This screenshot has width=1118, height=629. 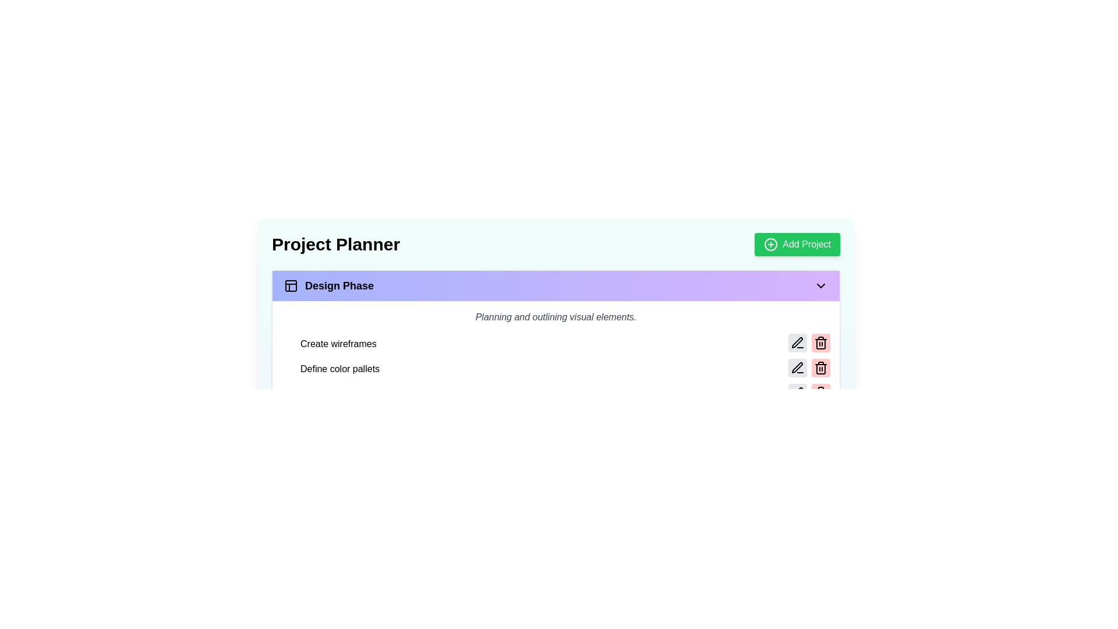 What do you see at coordinates (797, 393) in the screenshot?
I see `the small, rounded rectangle button with a gray background, featuring a pen or edit icon, located at the right end of a task row` at bounding box center [797, 393].